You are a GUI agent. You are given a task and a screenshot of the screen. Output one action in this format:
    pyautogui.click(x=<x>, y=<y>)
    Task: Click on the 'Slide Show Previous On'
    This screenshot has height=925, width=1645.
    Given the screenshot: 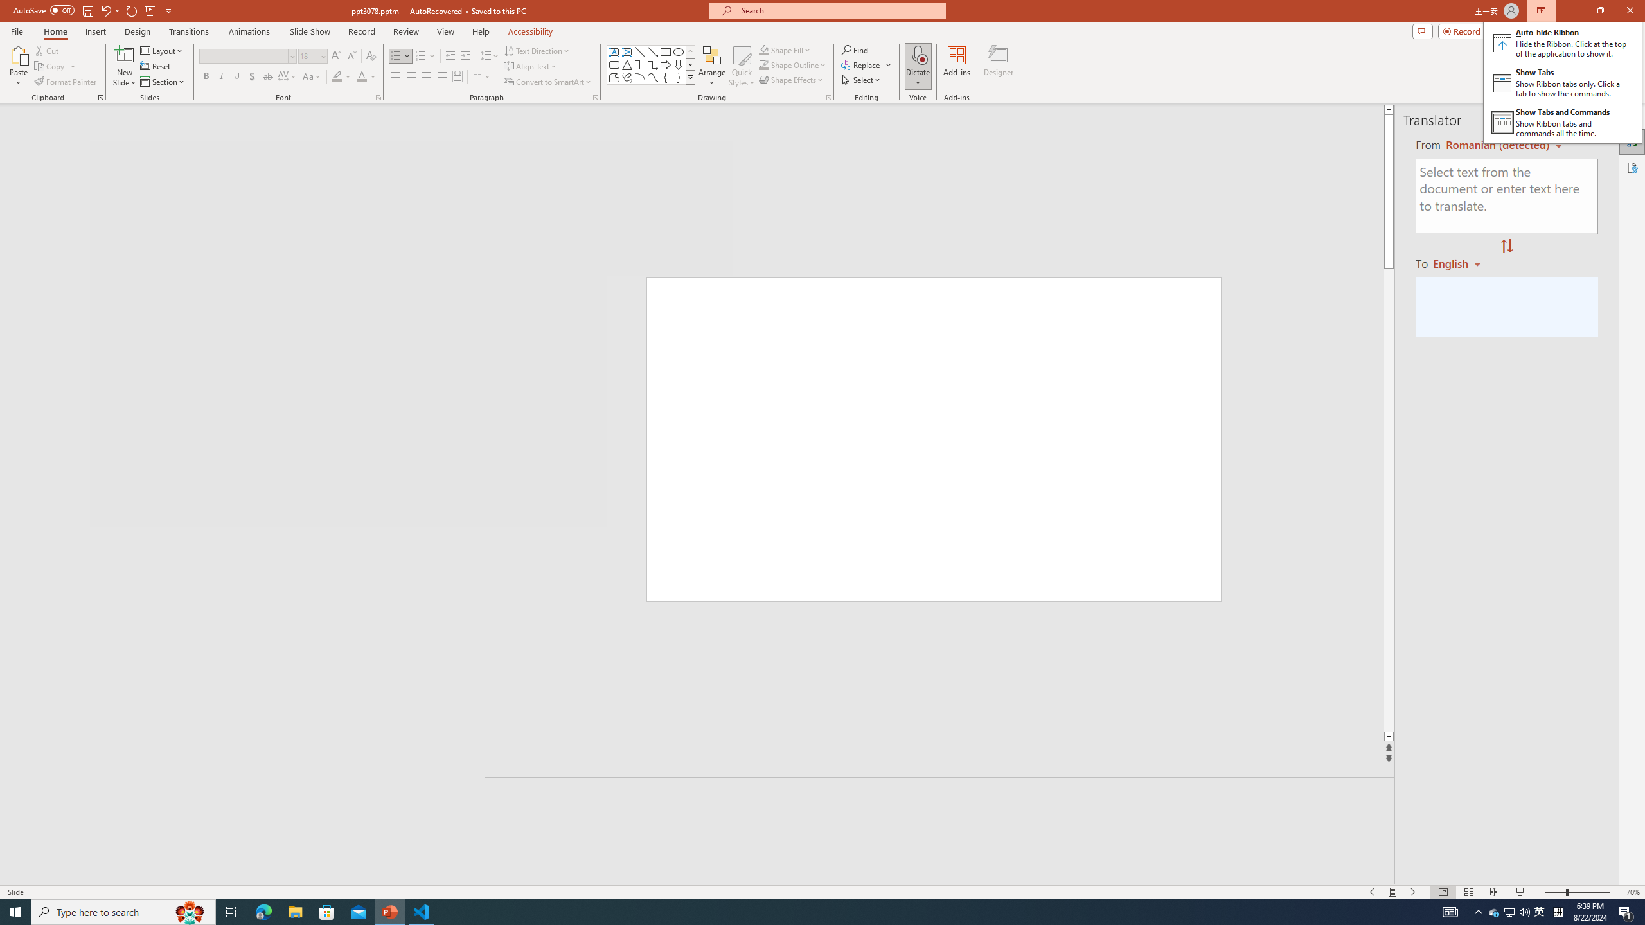 What is the action you would take?
    pyautogui.click(x=1373, y=892)
    